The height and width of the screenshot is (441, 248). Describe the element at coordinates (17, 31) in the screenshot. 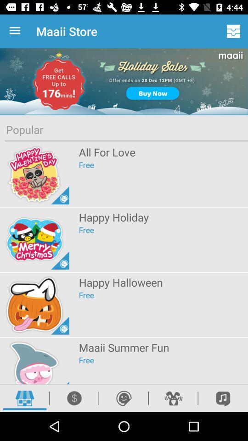

I see `icon to the left of the maaii store item` at that location.